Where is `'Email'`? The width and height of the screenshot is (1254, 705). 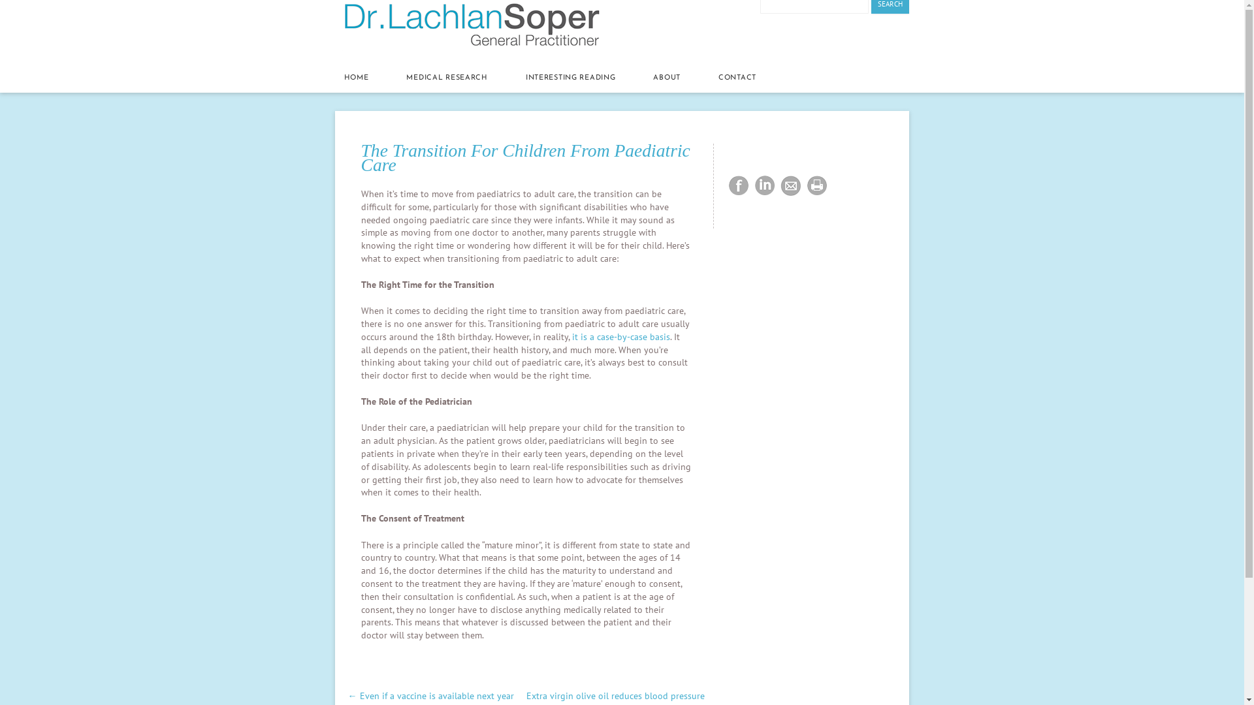 'Email' is located at coordinates (777, 186).